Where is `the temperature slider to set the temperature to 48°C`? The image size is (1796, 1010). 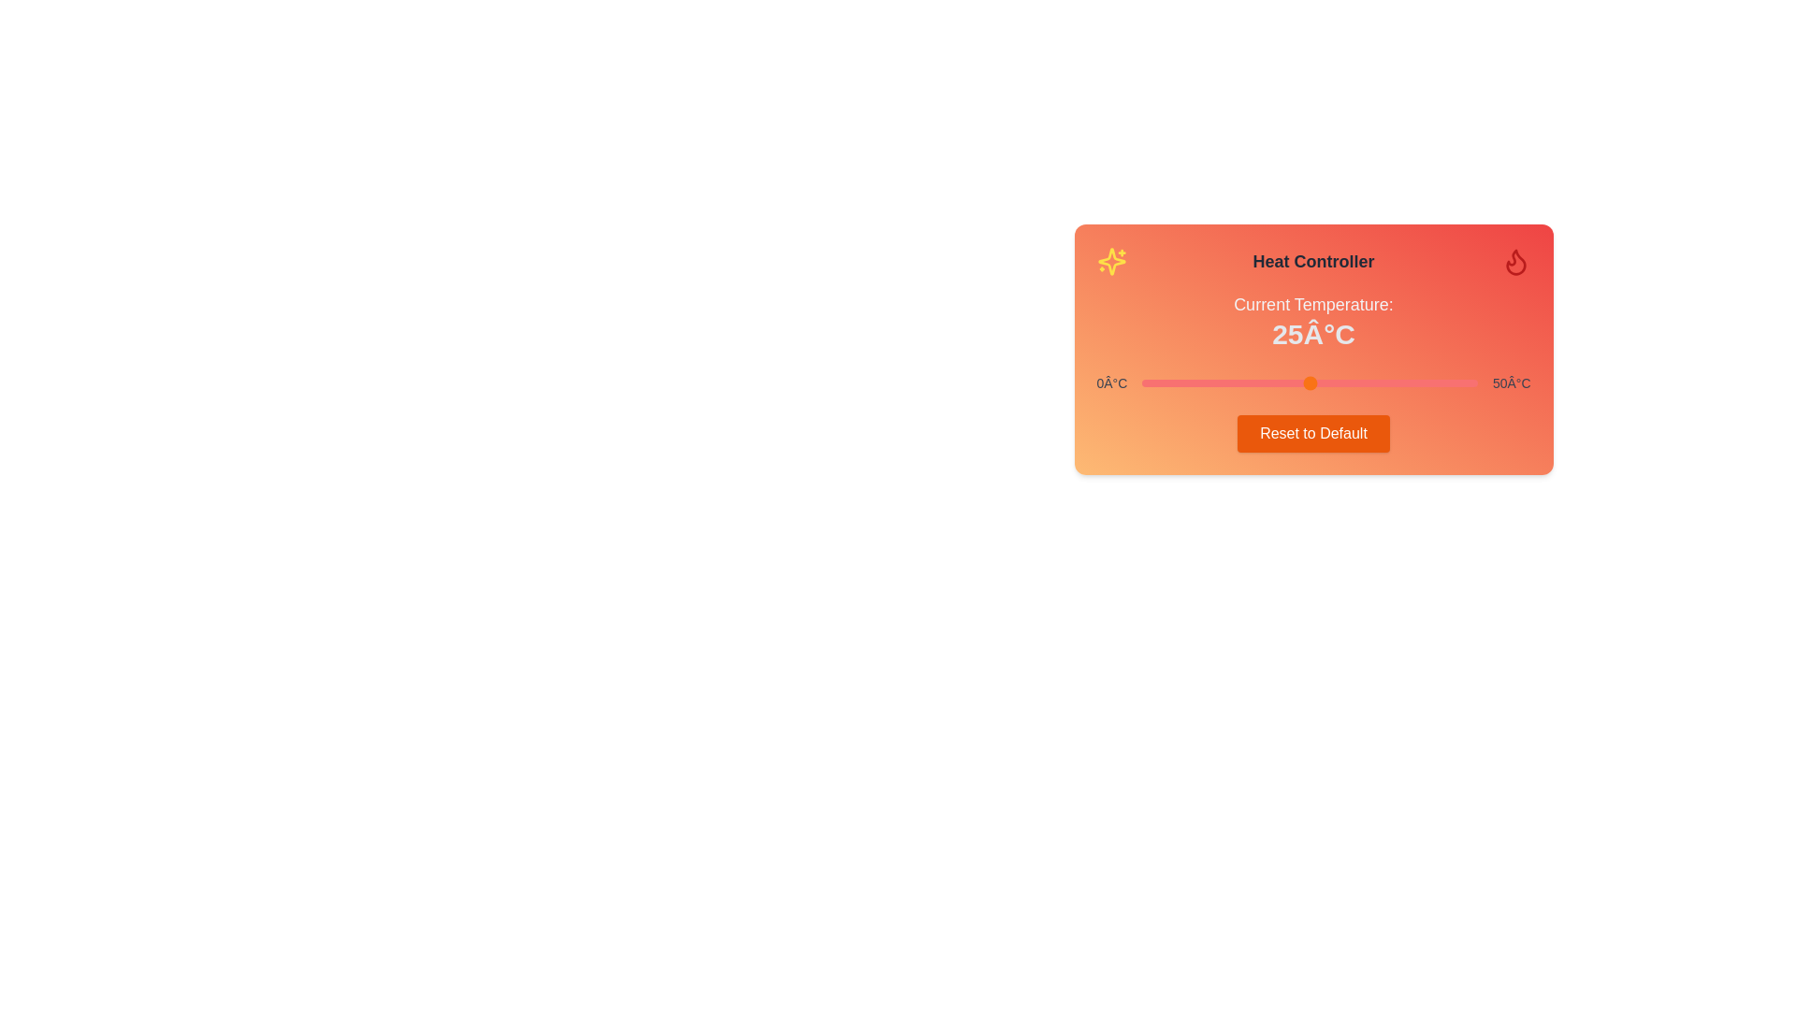 the temperature slider to set the temperature to 48°C is located at coordinates (1462, 382).